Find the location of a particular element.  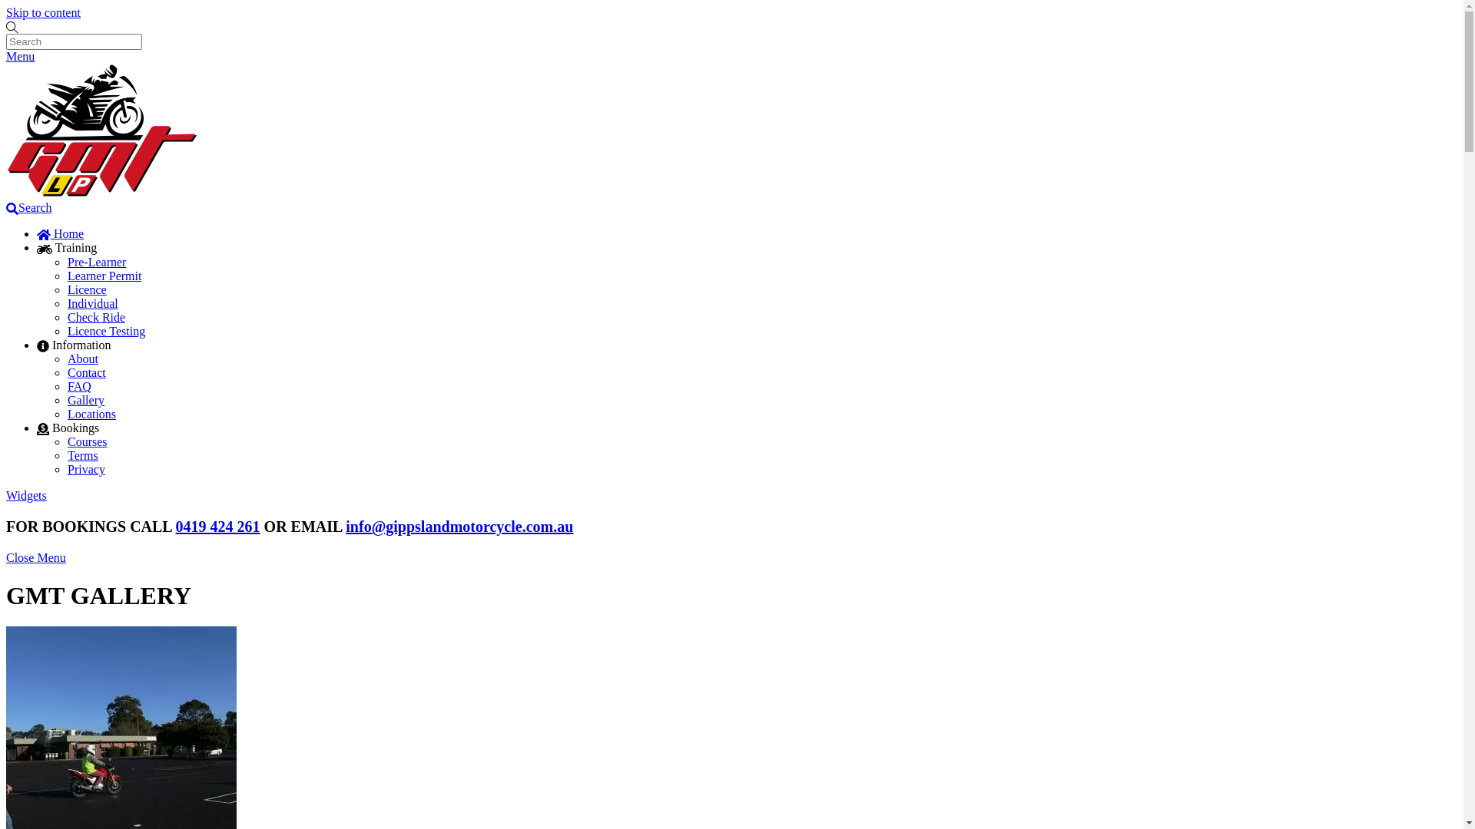

'Skip to content' is located at coordinates (43, 12).